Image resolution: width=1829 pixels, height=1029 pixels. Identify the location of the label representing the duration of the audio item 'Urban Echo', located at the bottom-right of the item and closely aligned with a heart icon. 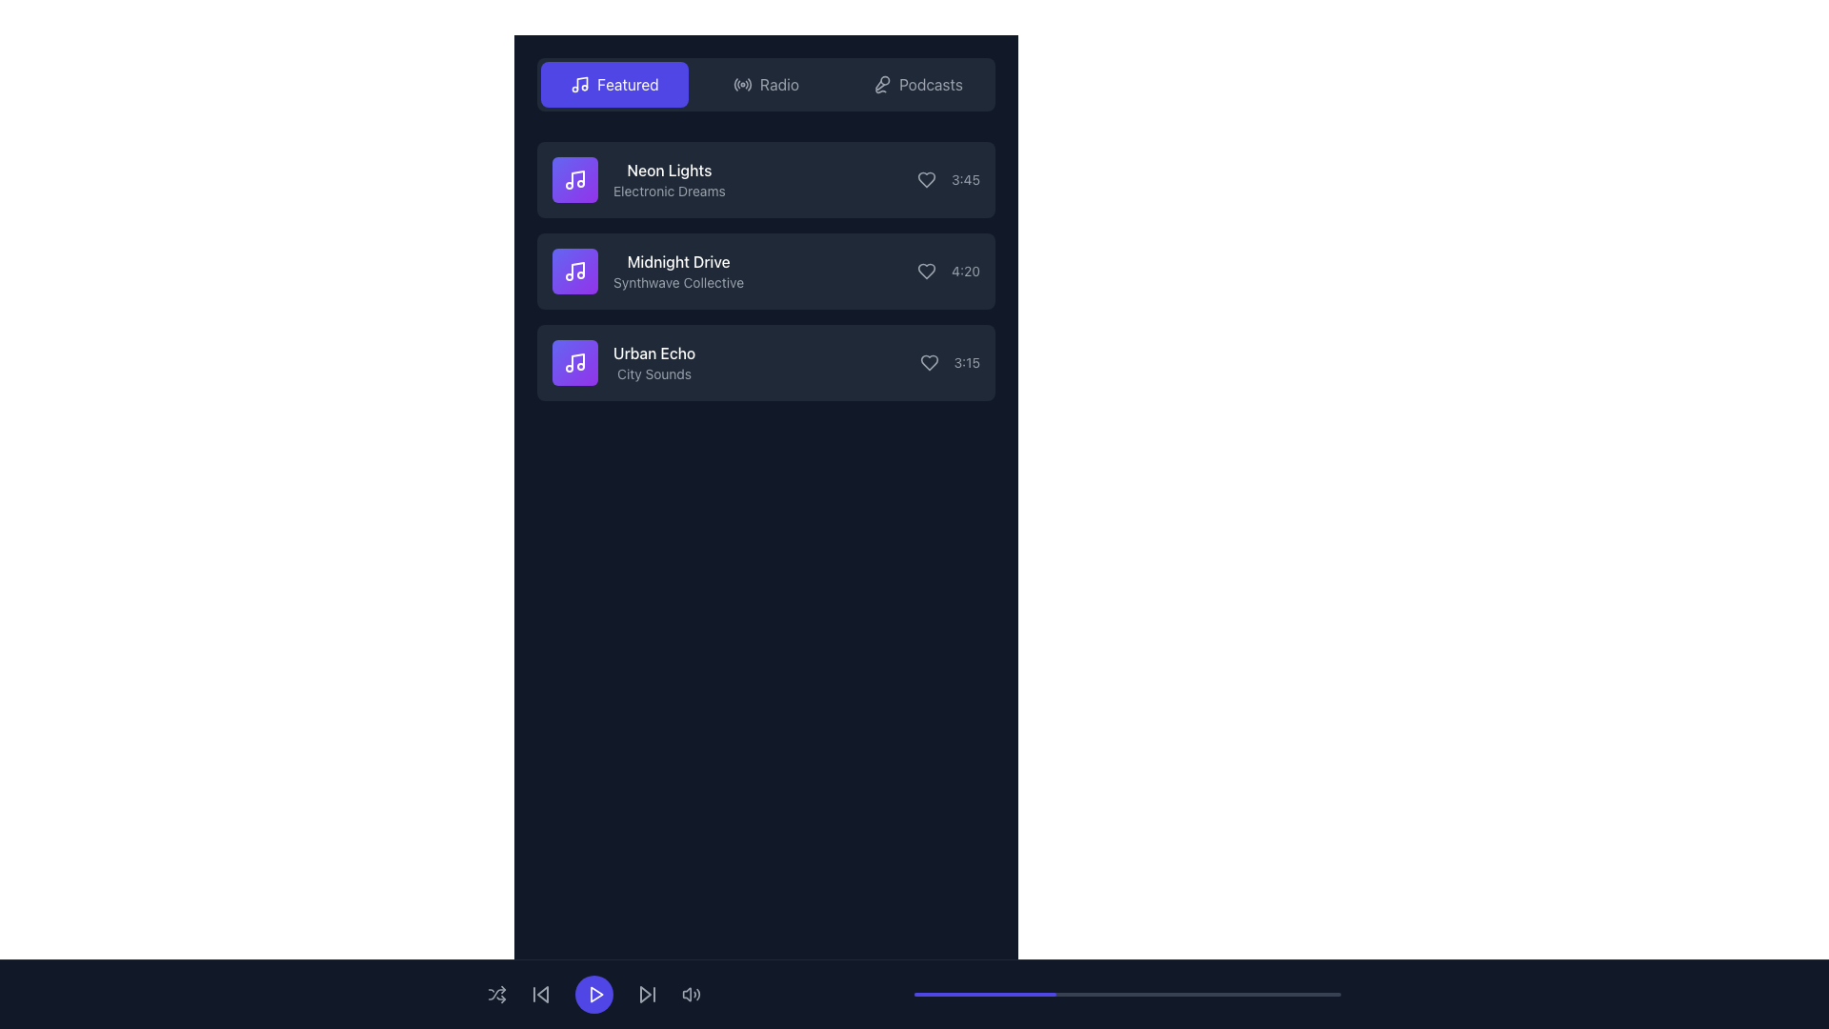
(950, 363).